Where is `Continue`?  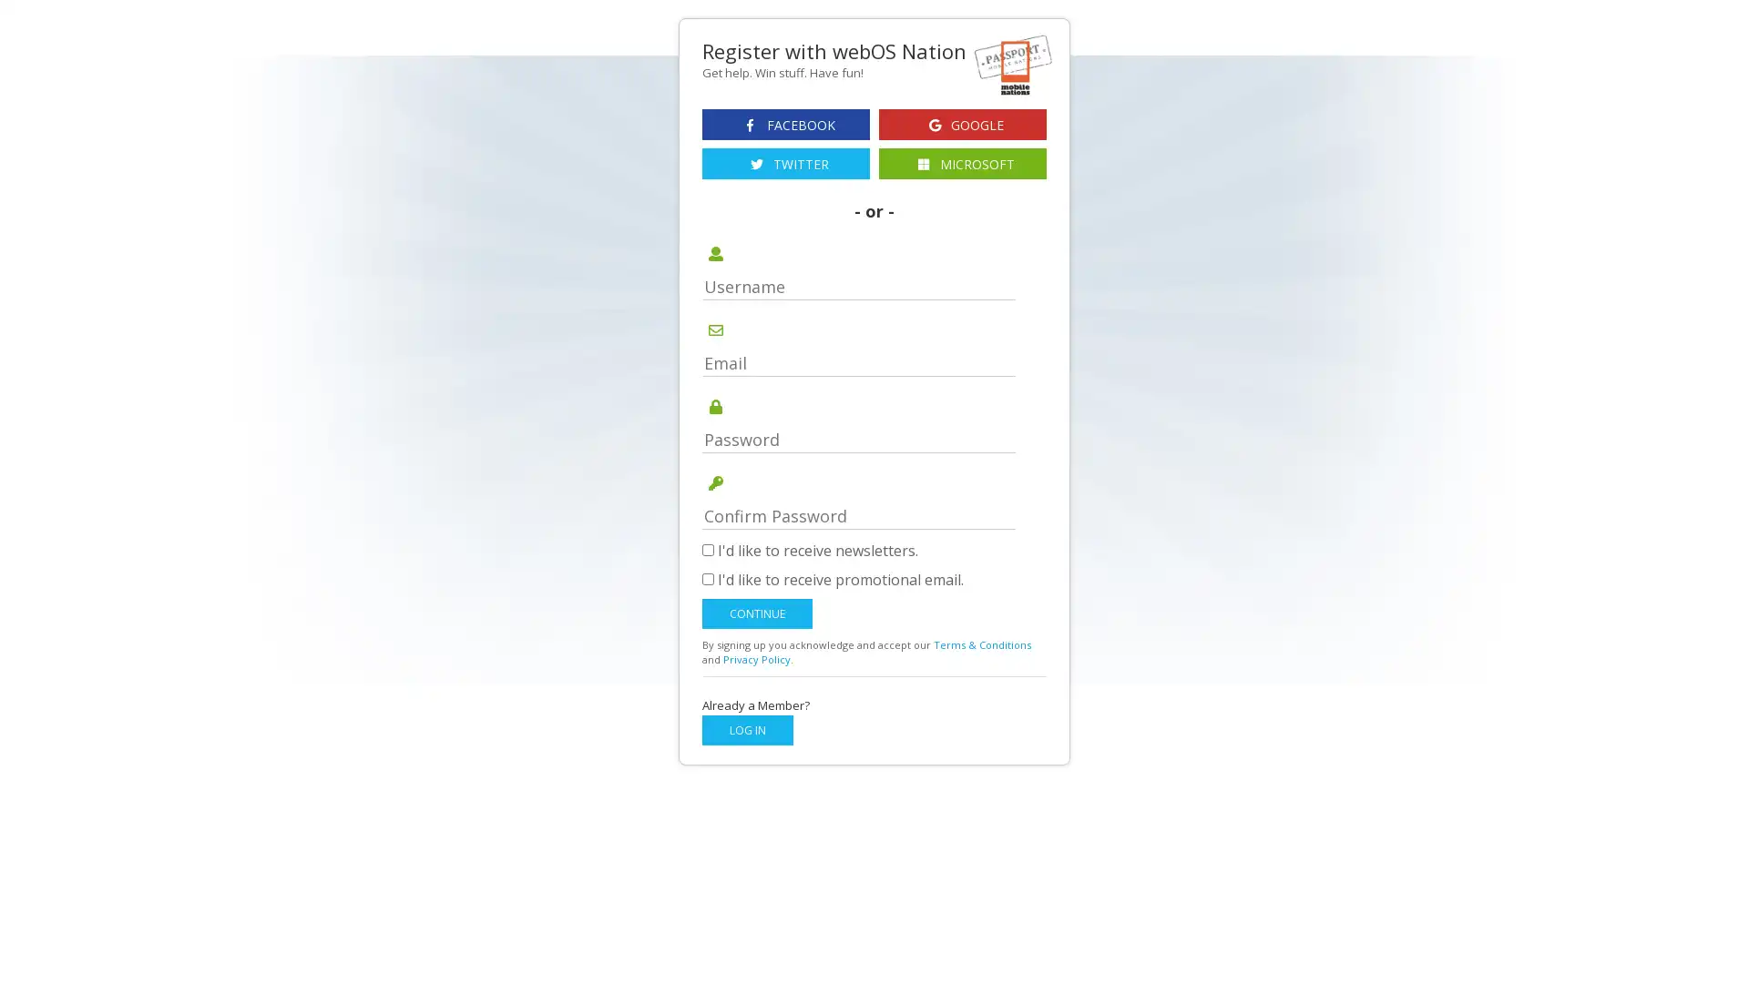
Continue is located at coordinates (757, 613).